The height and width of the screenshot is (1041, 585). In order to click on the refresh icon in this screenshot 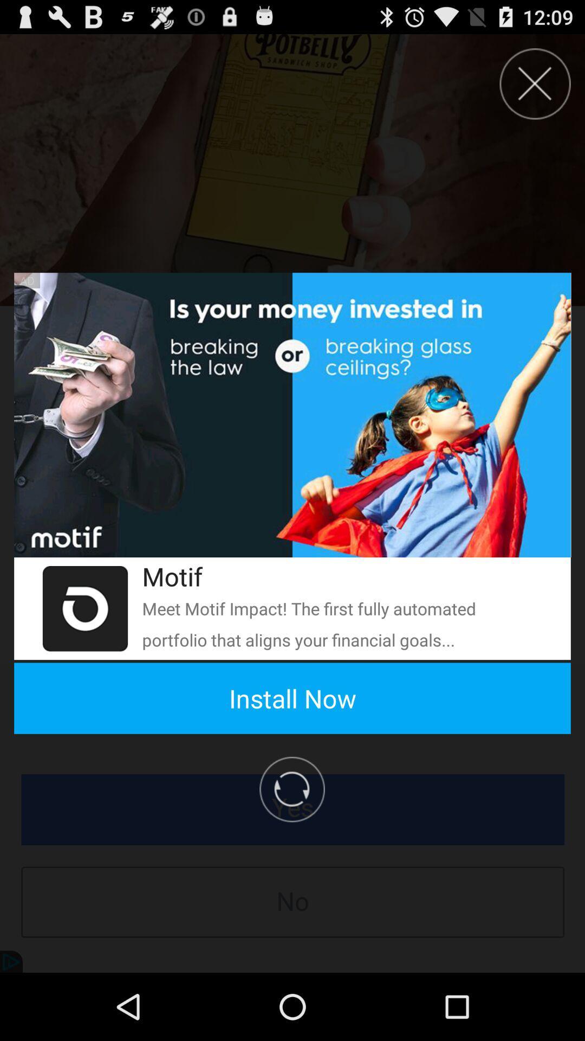, I will do `click(84, 651)`.